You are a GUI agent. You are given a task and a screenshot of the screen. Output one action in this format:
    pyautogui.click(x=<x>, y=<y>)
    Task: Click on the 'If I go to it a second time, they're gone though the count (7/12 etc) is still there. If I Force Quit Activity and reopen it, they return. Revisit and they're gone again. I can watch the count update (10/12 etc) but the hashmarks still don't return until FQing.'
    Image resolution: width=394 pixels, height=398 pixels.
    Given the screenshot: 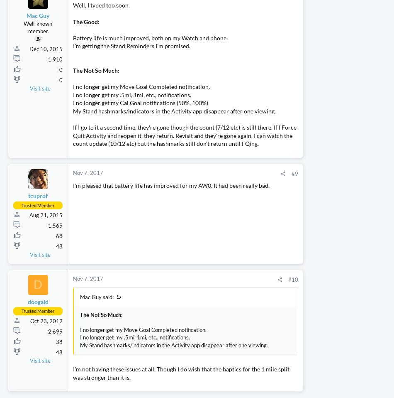 What is the action you would take?
    pyautogui.click(x=158, y=172)
    